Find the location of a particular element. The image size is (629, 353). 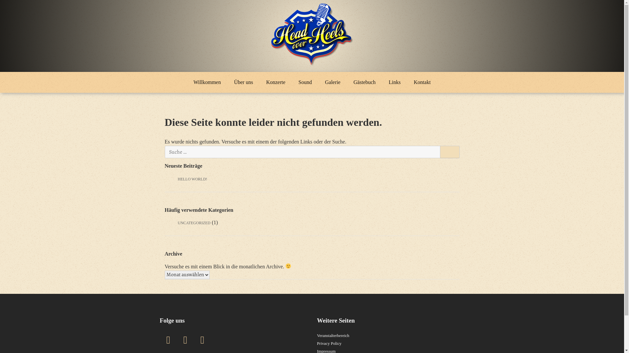

'UNCATEGORIZED' is located at coordinates (193, 223).